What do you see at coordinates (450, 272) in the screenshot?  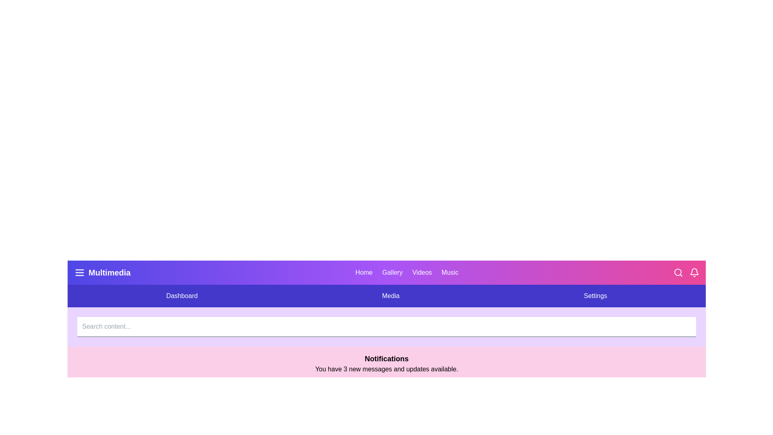 I see `the section labeled Music in the navigation bar` at bounding box center [450, 272].